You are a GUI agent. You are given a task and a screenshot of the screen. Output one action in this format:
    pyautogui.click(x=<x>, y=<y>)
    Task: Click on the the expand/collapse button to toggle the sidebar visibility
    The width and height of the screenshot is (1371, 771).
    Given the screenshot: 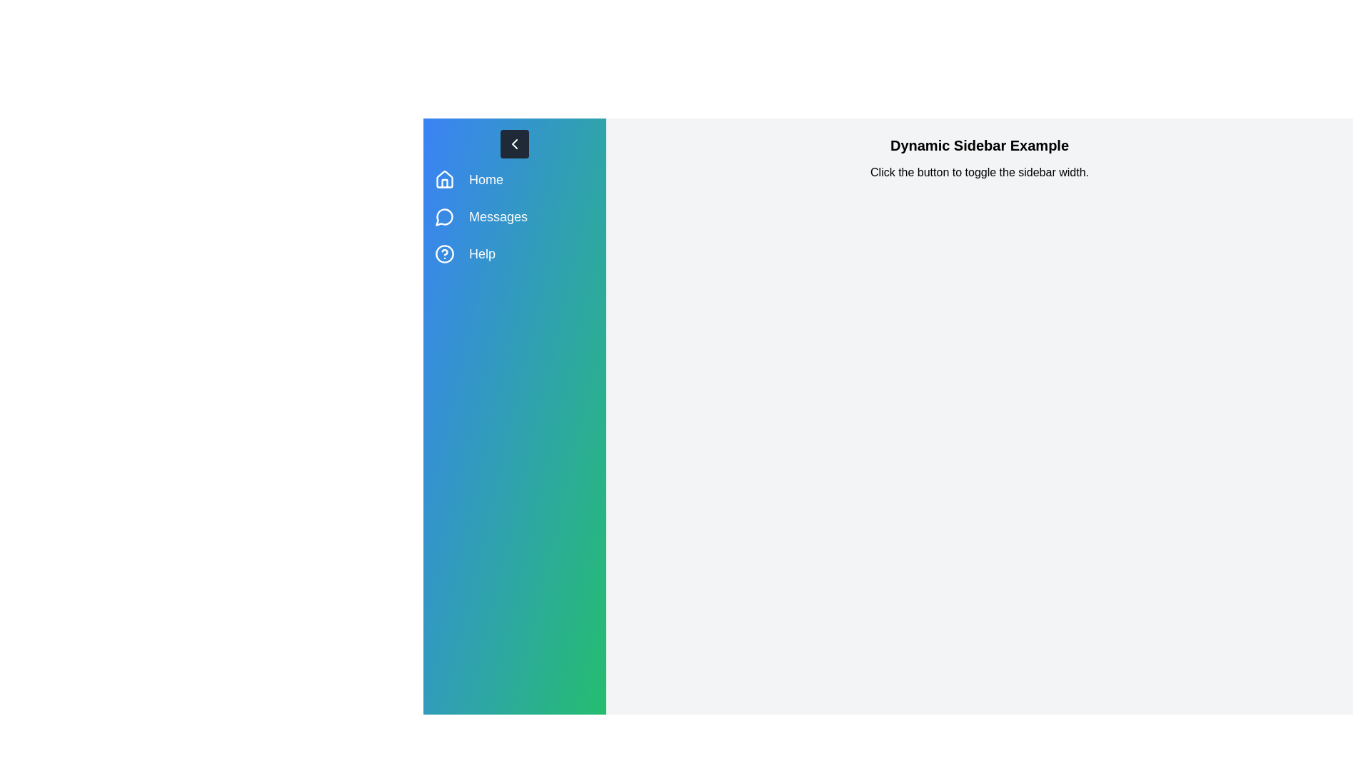 What is the action you would take?
    pyautogui.click(x=514, y=143)
    